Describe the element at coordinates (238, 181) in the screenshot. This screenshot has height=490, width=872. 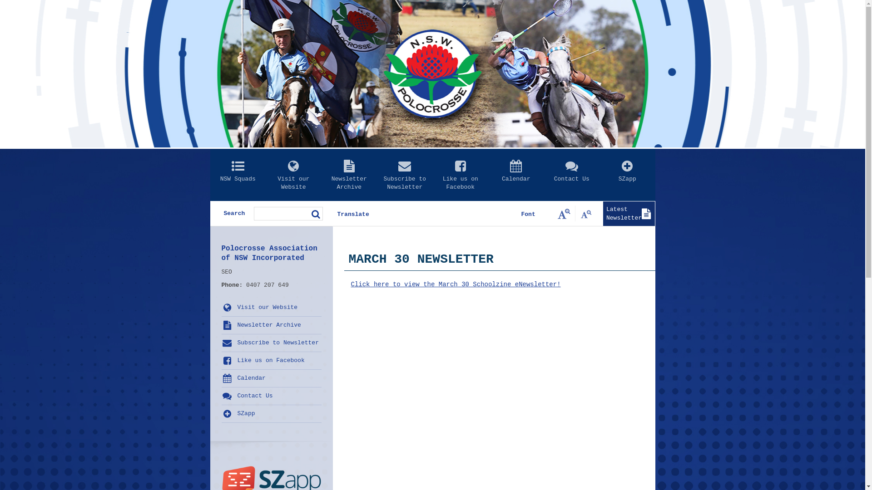
I see `'NSW Squads'` at that location.